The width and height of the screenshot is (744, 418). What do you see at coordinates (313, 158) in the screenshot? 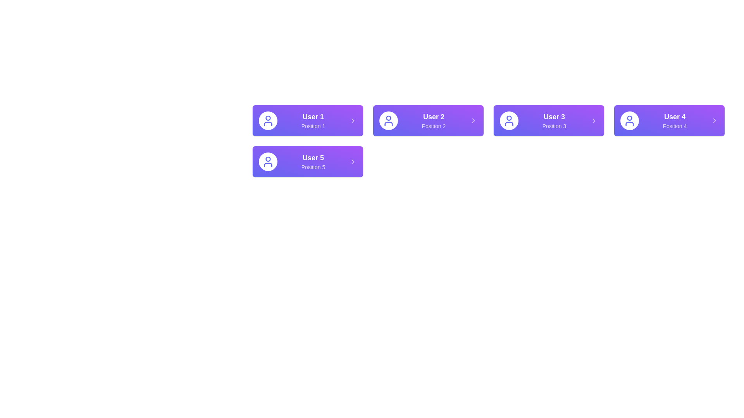
I see `text label that displays 'User 5', which is prominently styled in white on a purple background, located in the second card of the second row` at bounding box center [313, 158].